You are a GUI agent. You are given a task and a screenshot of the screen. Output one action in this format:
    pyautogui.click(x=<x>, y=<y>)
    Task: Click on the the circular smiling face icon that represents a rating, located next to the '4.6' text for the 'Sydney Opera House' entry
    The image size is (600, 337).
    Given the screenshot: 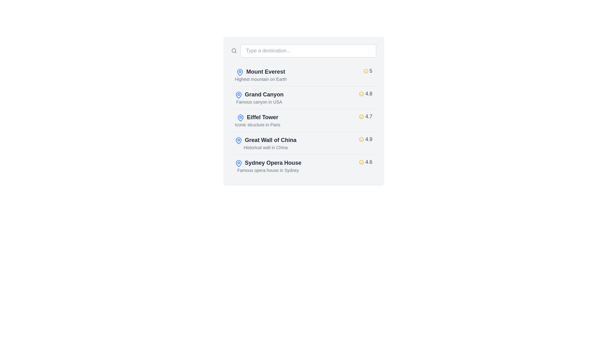 What is the action you would take?
    pyautogui.click(x=362, y=162)
    